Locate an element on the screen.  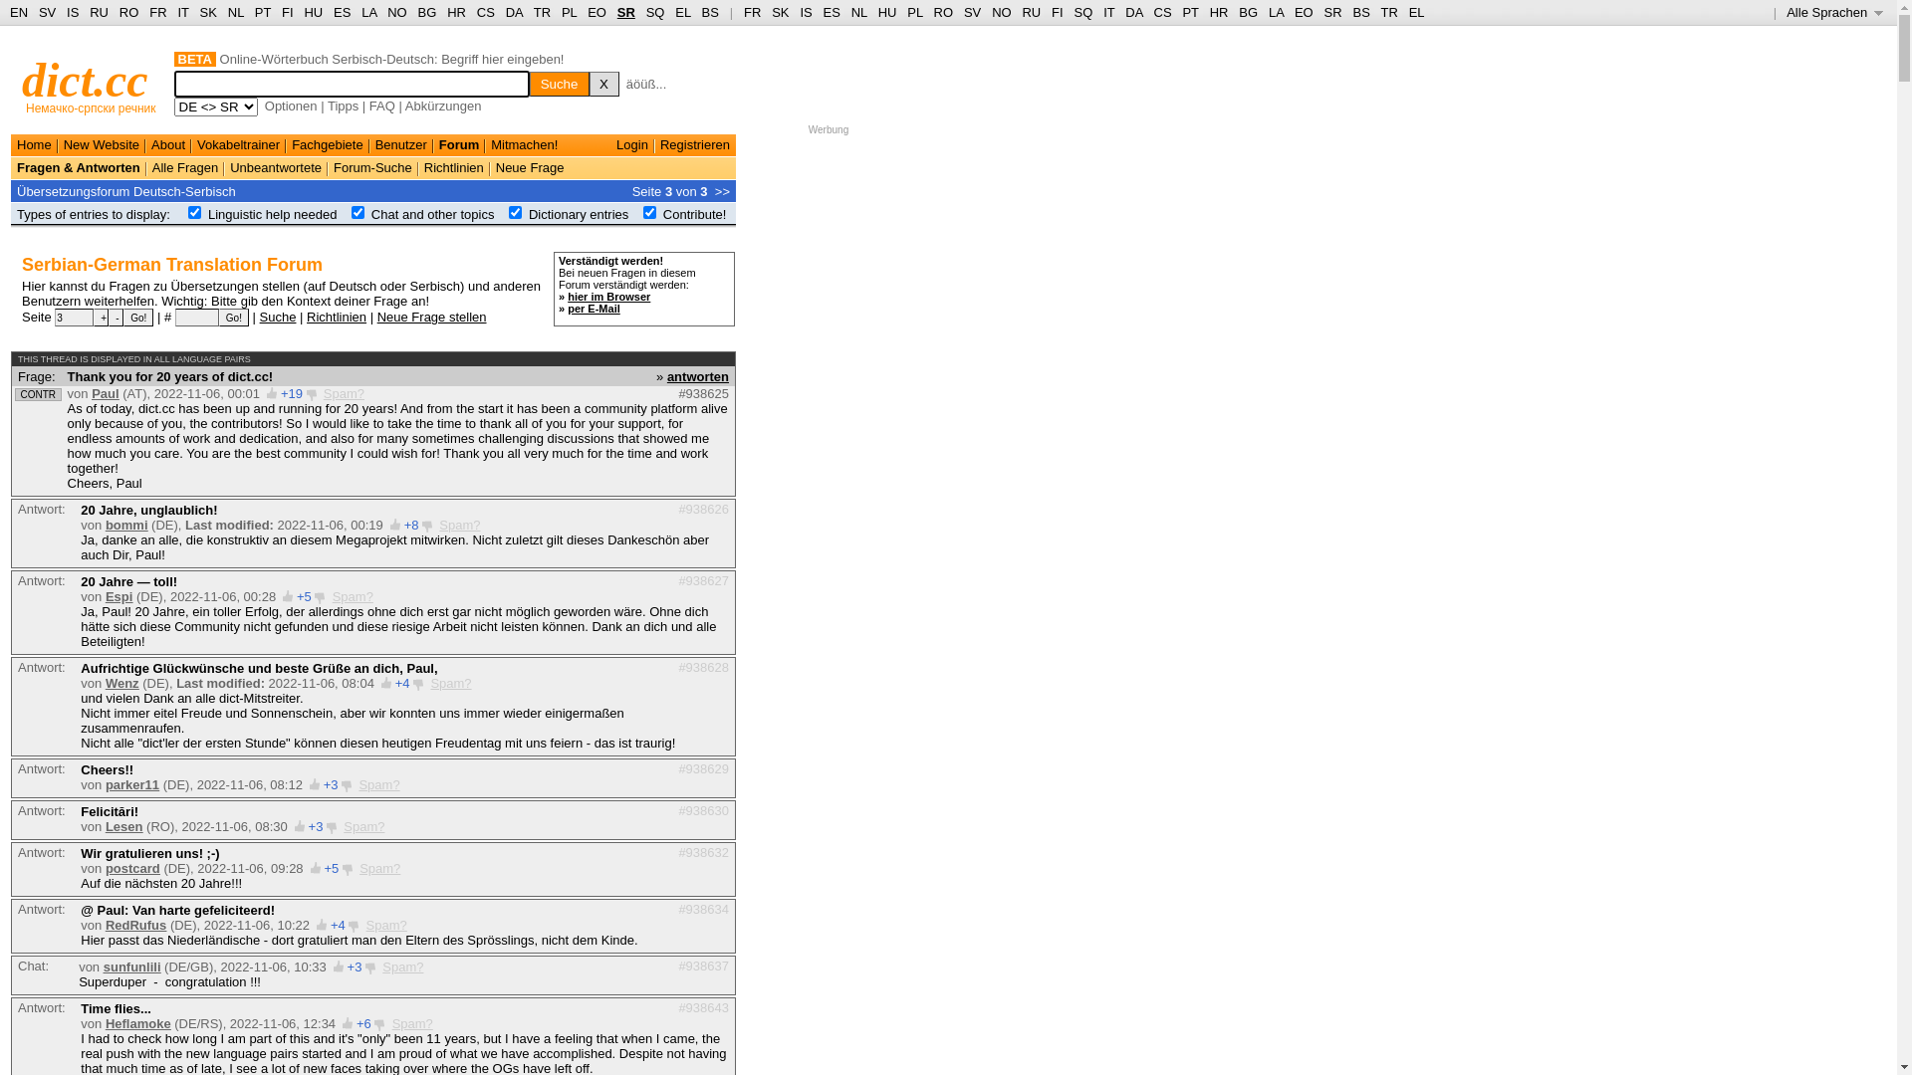
'Optionen' is located at coordinates (290, 106).